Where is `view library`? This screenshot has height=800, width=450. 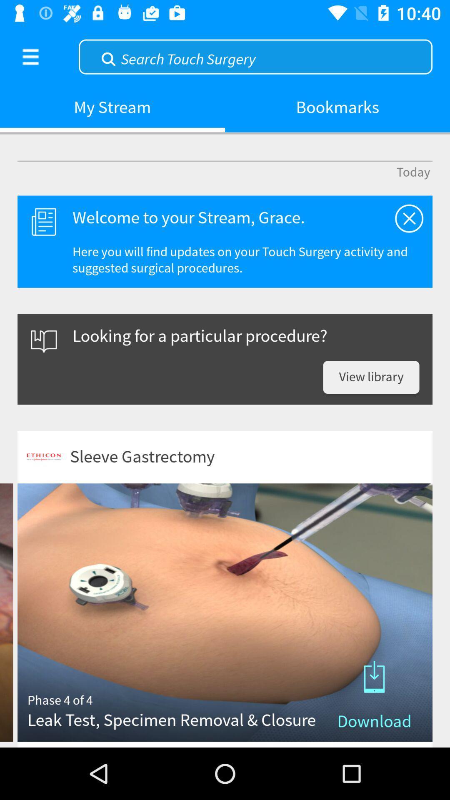
view library is located at coordinates (371, 377).